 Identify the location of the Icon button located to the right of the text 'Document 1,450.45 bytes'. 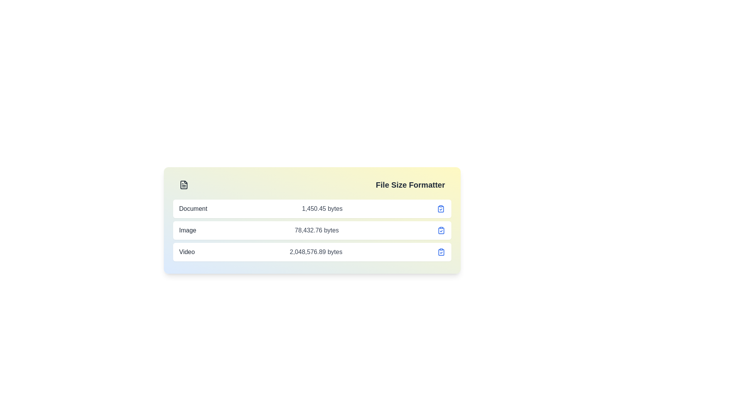
(441, 208).